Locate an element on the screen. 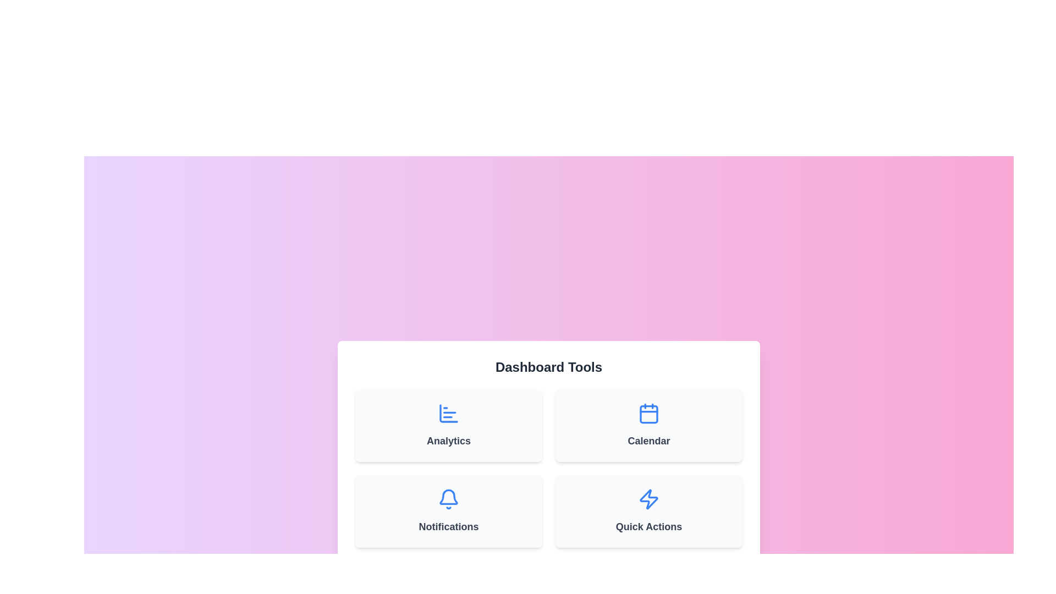  the calendar date box icon element located in the upper-right segment of the dashboard tools grid is located at coordinates (649, 414).